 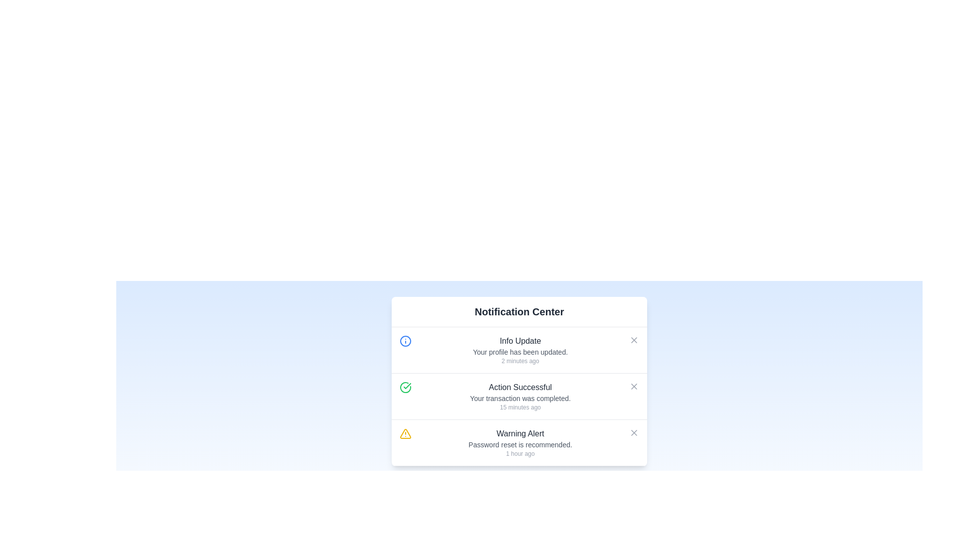 I want to click on the Close icon button located at the far right of the first notification in the vertically stacked list, so click(x=634, y=339).